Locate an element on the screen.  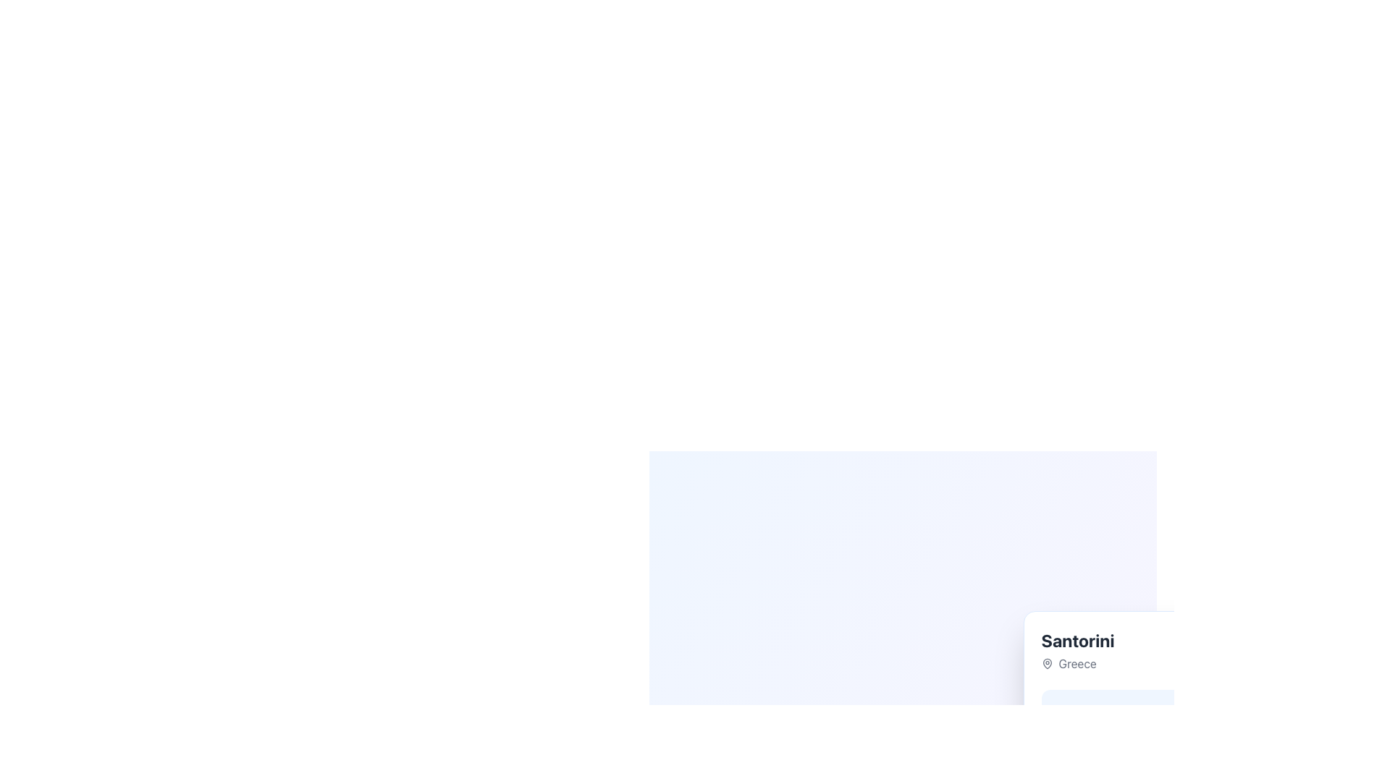
text of the label located directly under the title 'Santorini', horizontally aligned with a map pin icon is located at coordinates (1077, 664).